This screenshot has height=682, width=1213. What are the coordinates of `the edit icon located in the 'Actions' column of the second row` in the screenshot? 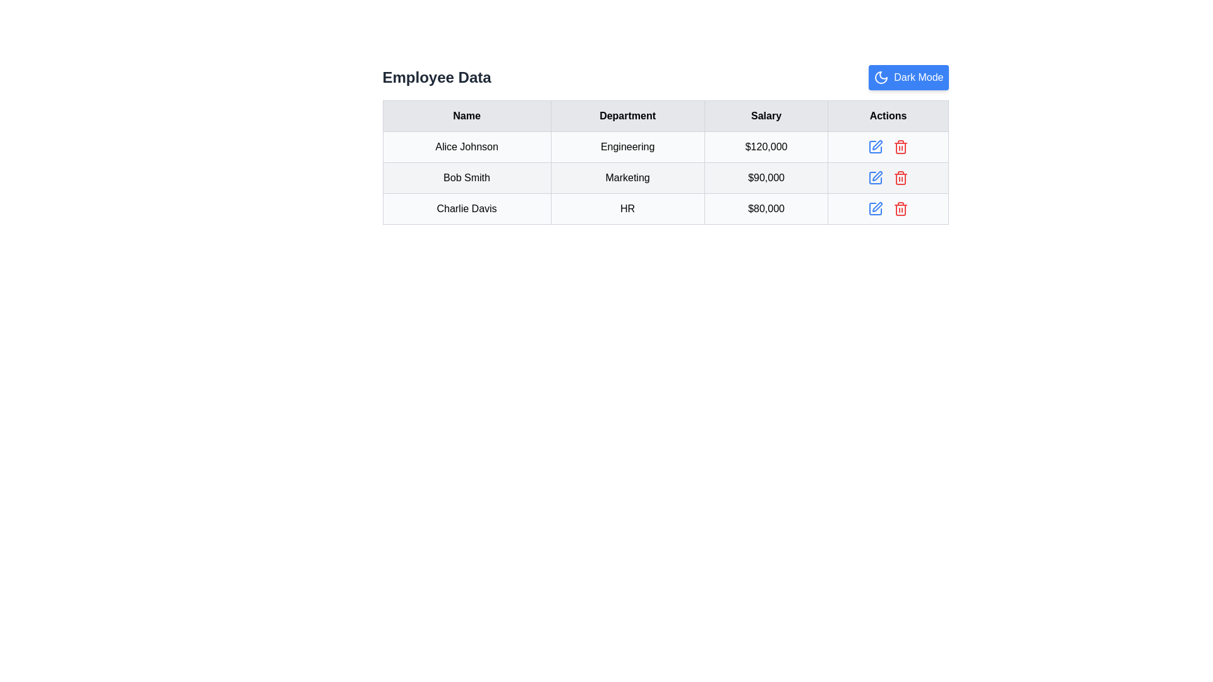 It's located at (876, 176).